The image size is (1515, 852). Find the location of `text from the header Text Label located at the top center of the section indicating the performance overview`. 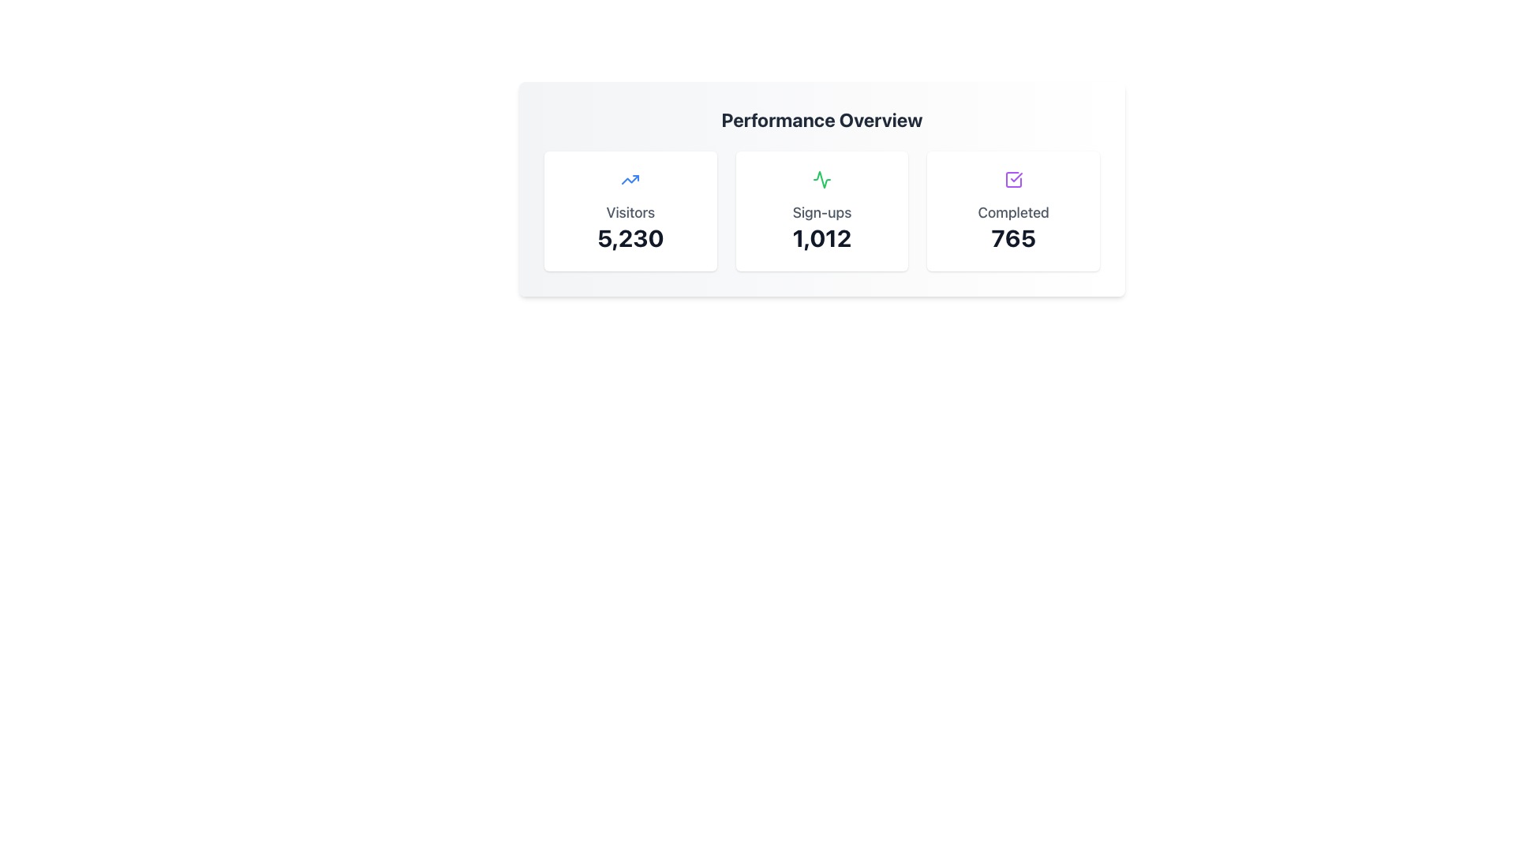

text from the header Text Label located at the top center of the section indicating the performance overview is located at coordinates (821, 118).